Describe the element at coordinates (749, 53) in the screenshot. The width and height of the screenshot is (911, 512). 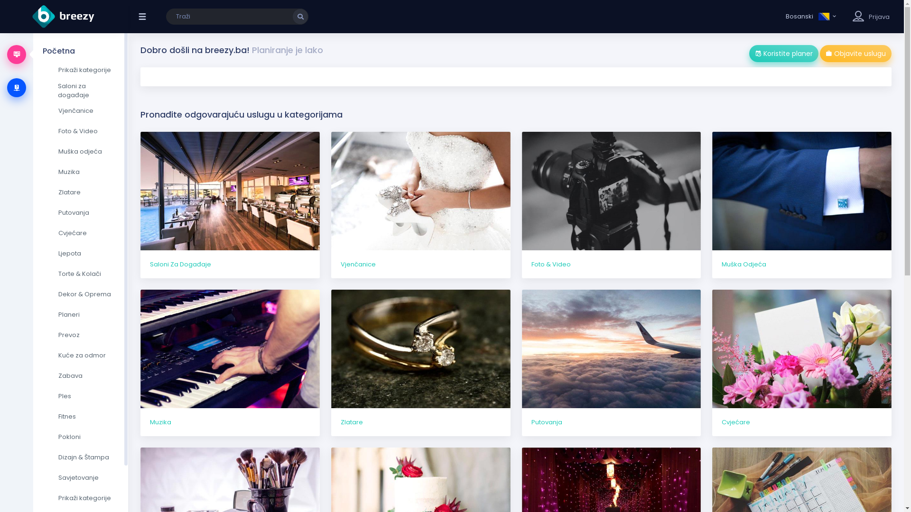
I see `'Koristite planer'` at that location.